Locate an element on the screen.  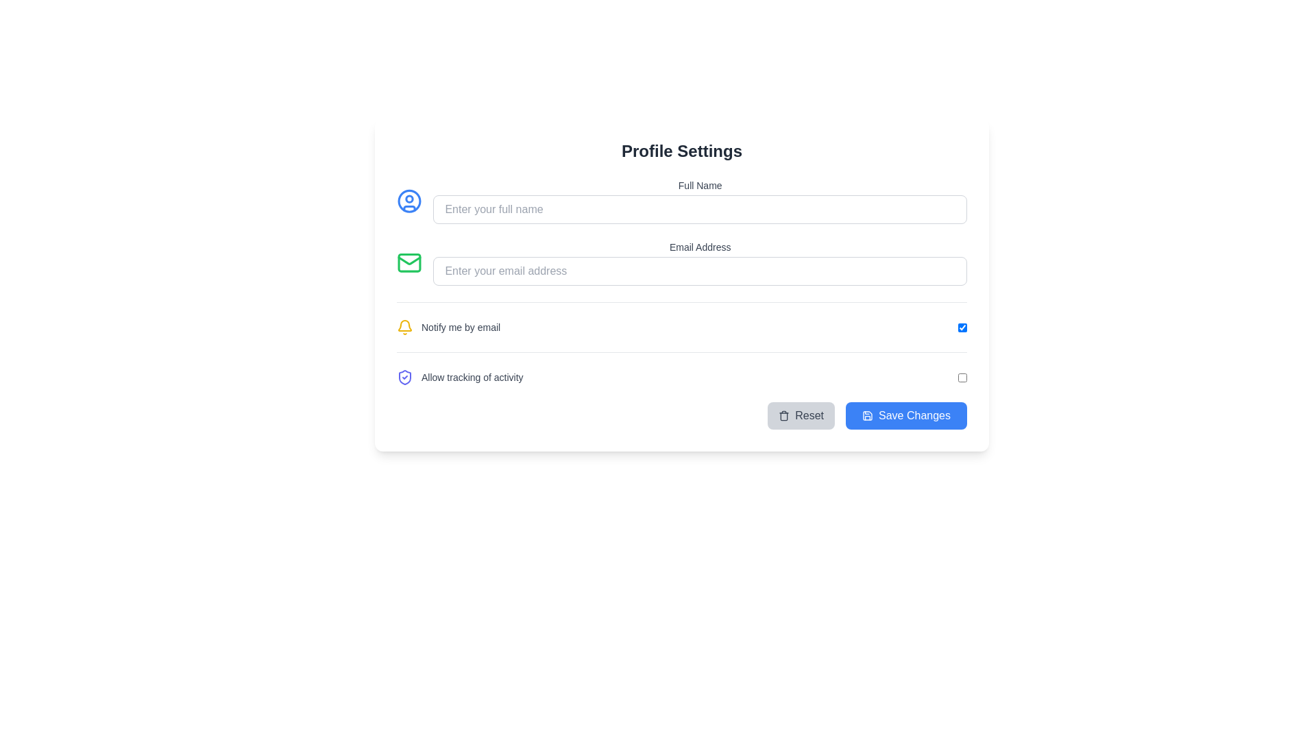
the static text label displaying 'Email Address' located above the email input field in the second section of the form is located at coordinates (700, 247).